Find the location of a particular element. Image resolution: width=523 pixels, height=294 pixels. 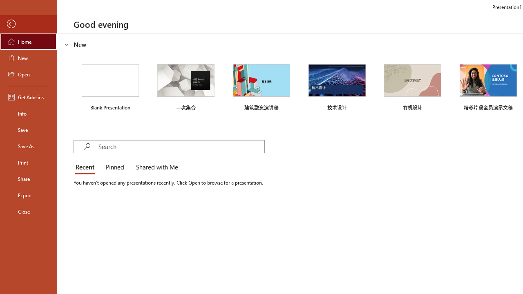

'Back' is located at coordinates (28, 24).